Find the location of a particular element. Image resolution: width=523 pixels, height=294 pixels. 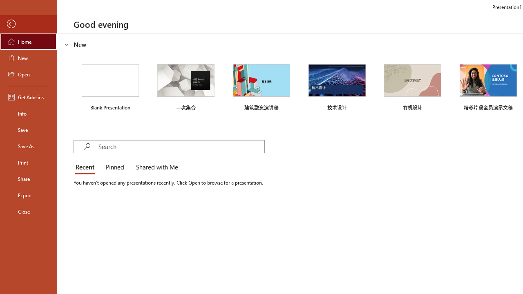

'Back' is located at coordinates (28, 24).